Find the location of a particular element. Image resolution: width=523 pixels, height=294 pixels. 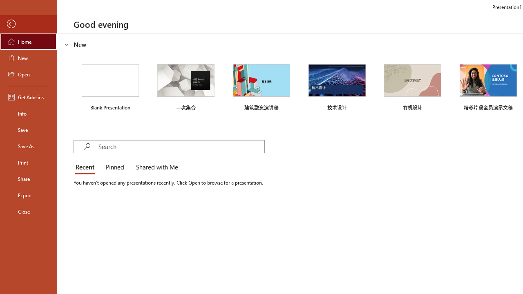

'Back' is located at coordinates (28, 24).